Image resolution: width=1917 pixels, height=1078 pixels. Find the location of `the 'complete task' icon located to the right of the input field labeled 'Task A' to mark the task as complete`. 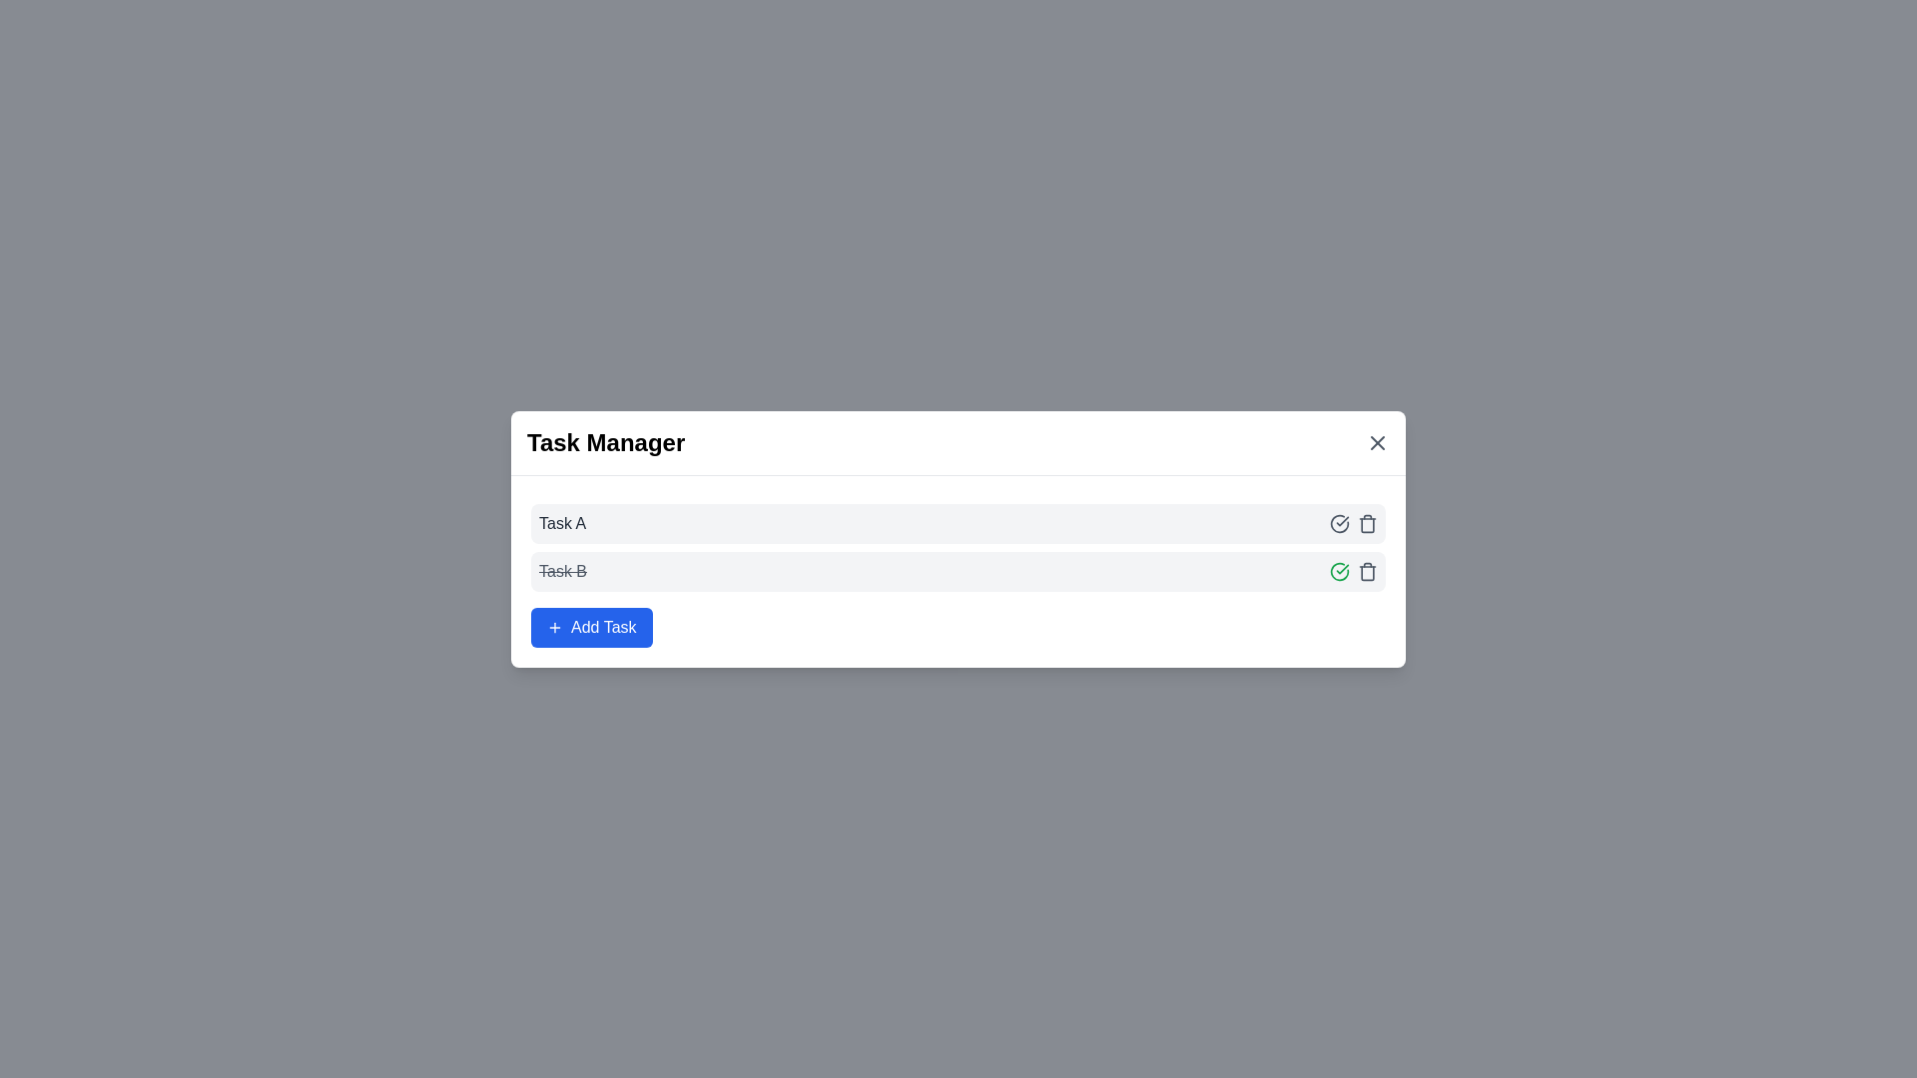

the 'complete task' icon located to the right of the input field labeled 'Task A' to mark the task as complete is located at coordinates (1340, 522).